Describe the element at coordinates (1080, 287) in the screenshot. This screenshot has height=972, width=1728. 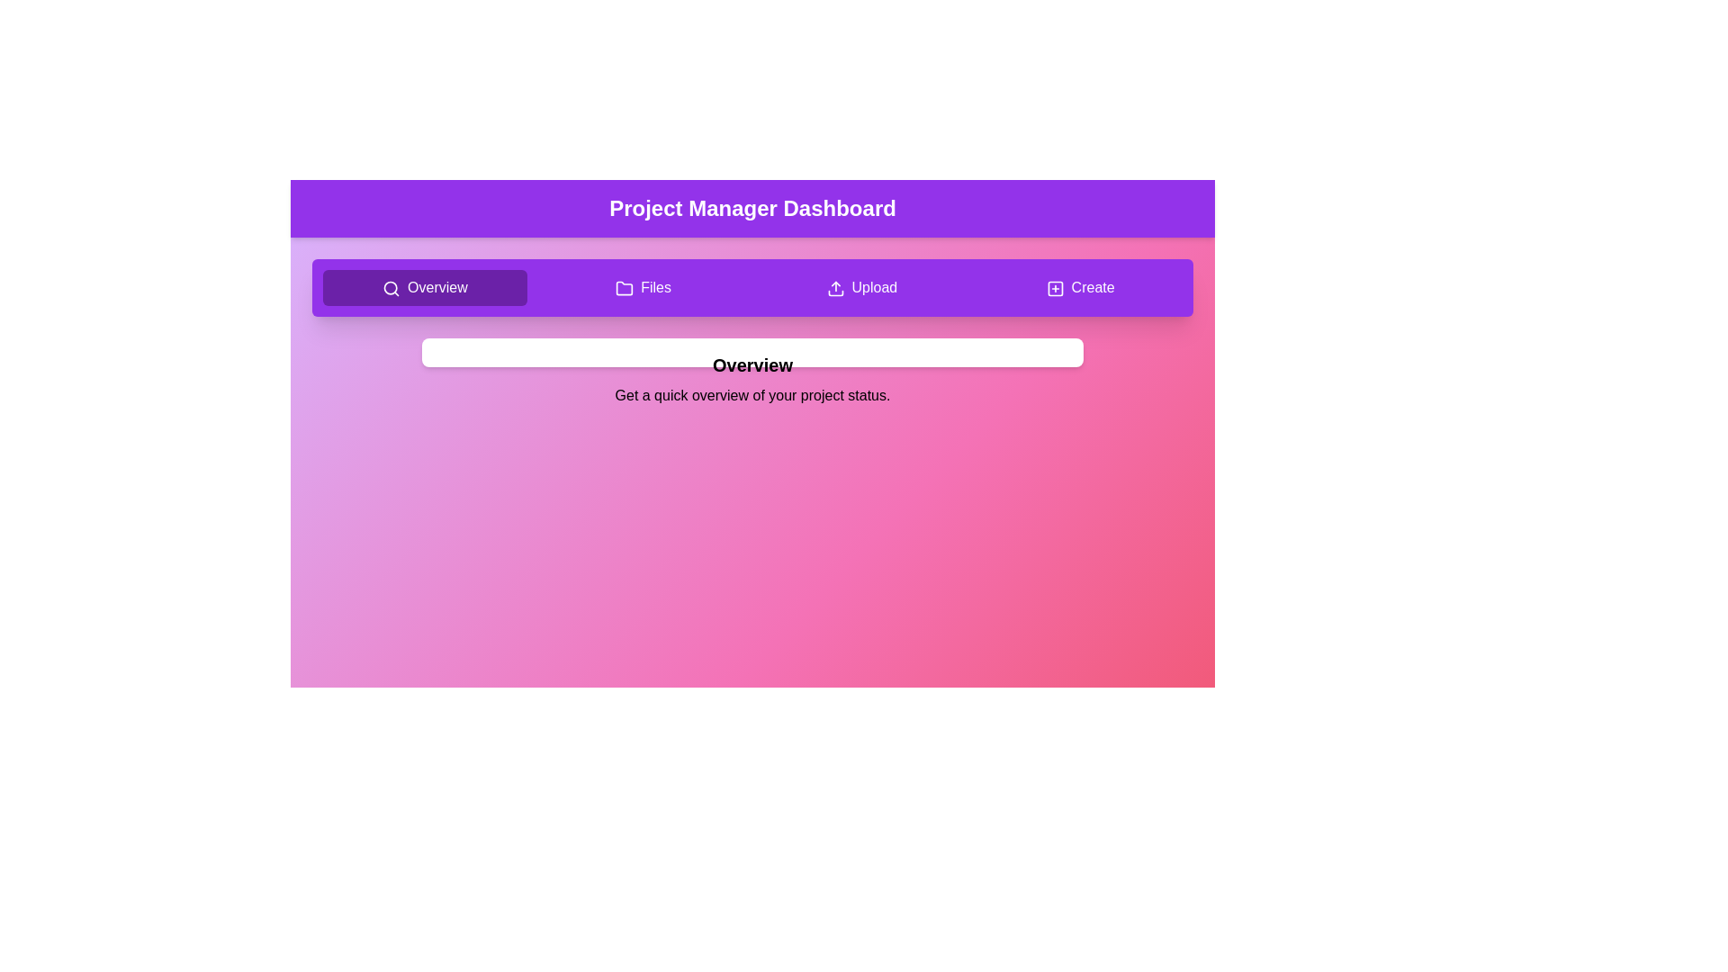
I see `the tab button corresponding to Create` at that location.